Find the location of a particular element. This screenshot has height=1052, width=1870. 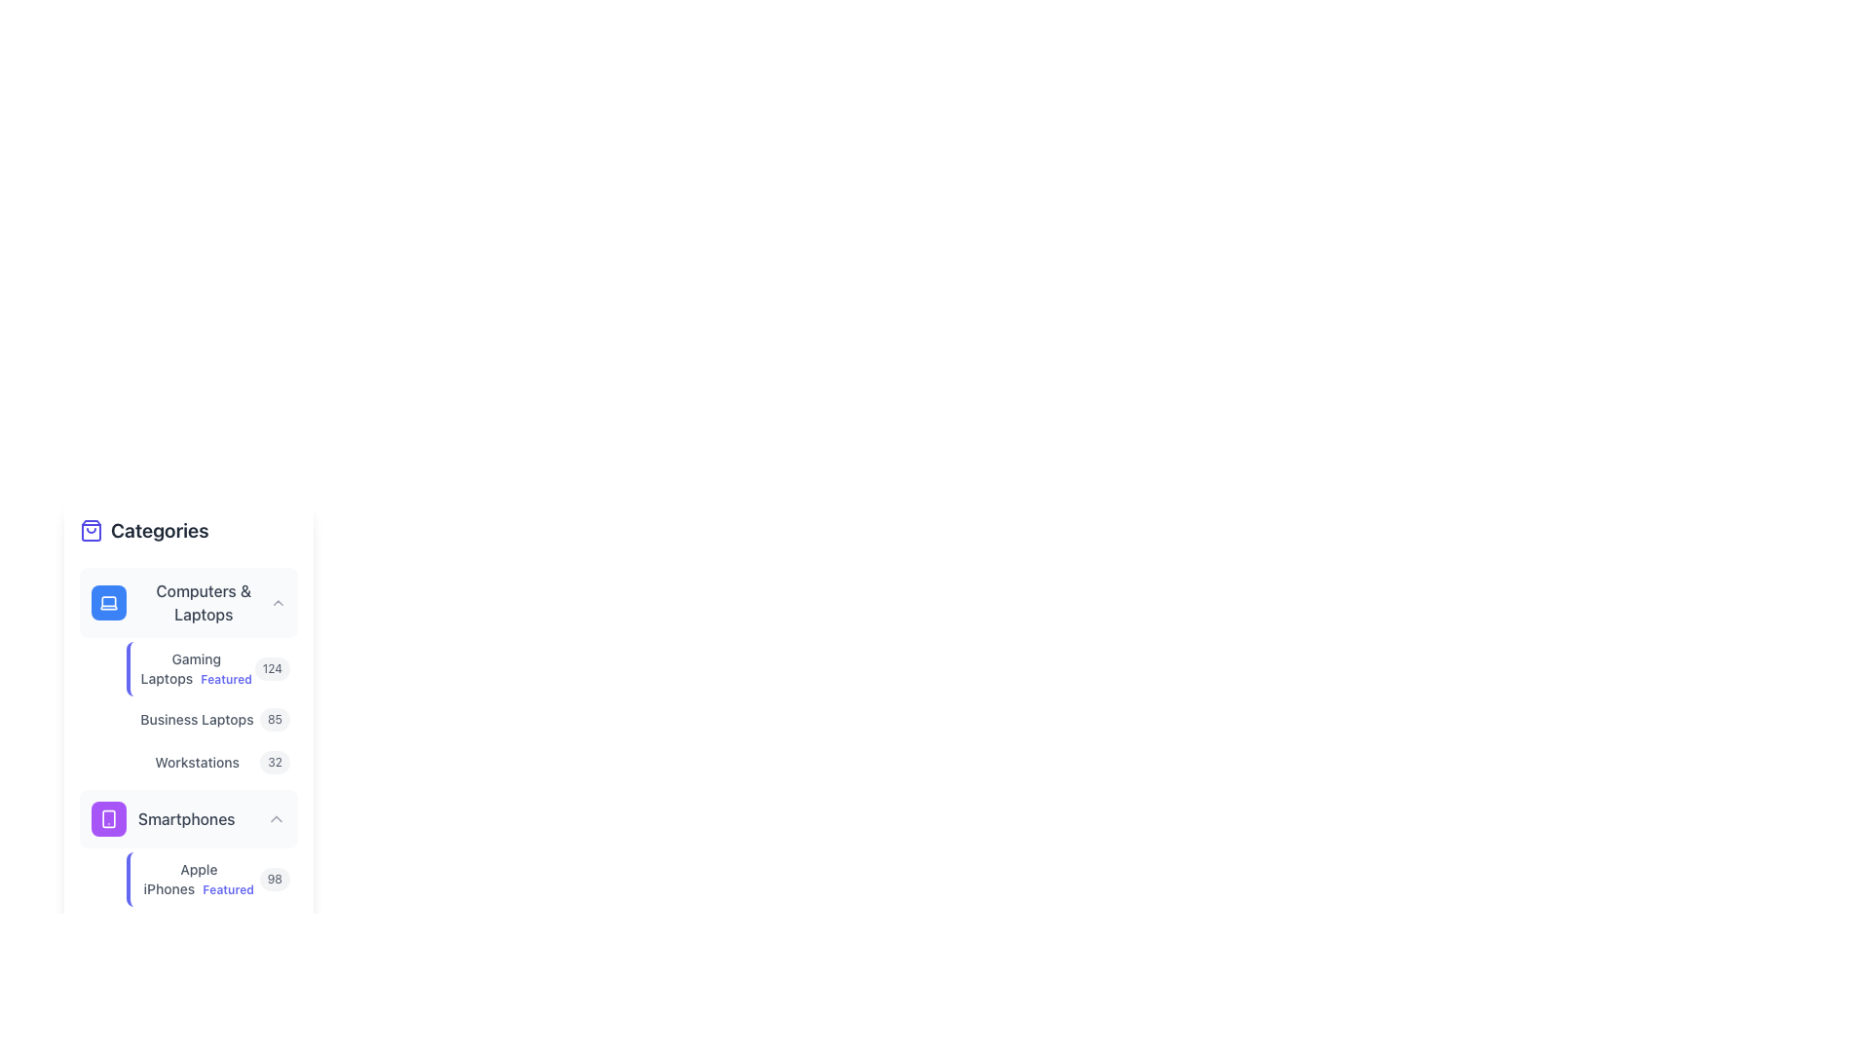

text content of the descriptive label for the 'Computers & Laptops' category located in the left panel under 'Categories' is located at coordinates (204, 601).